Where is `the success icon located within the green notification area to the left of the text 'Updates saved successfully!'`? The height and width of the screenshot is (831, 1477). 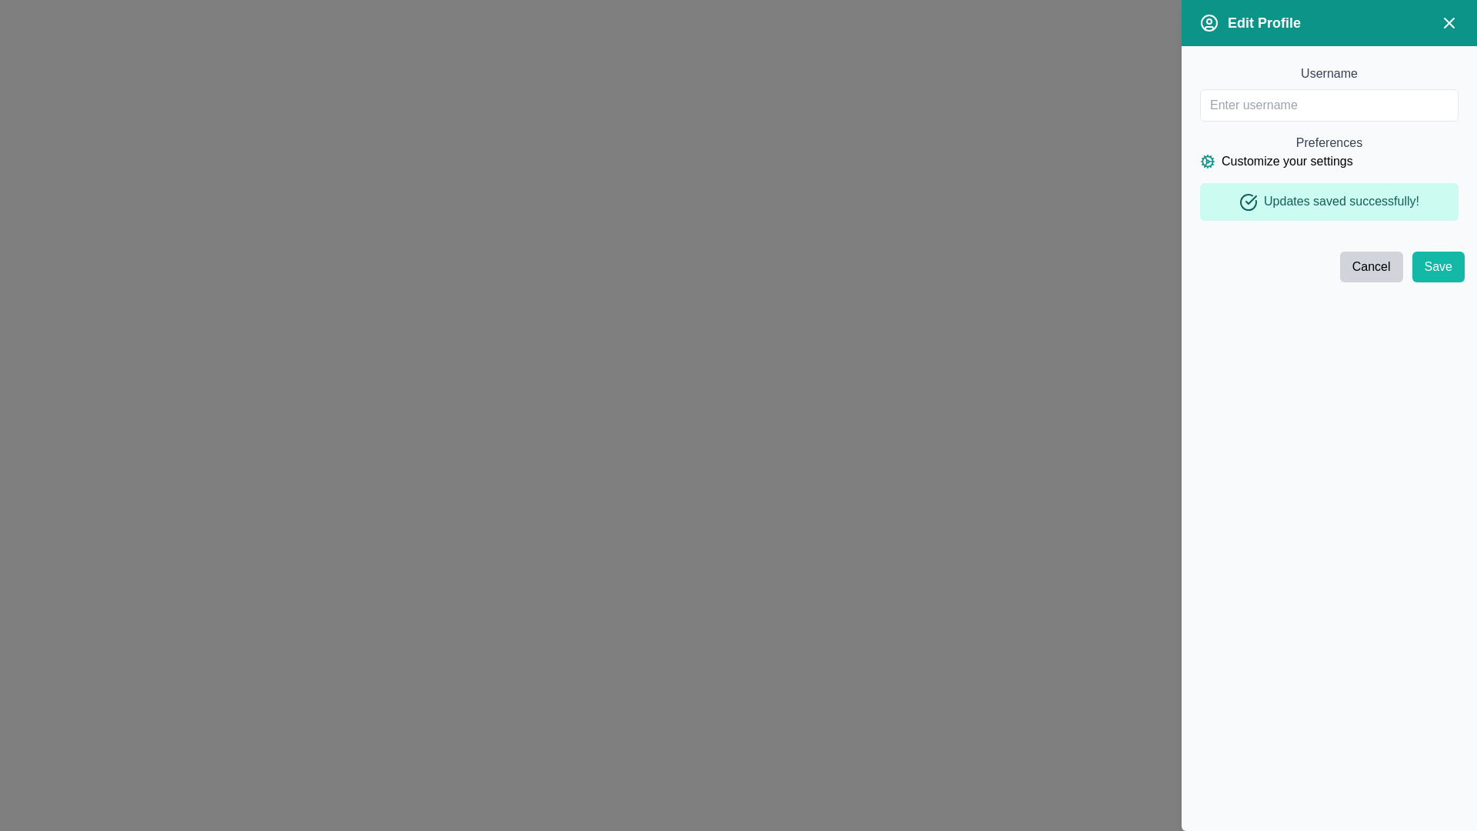
the success icon located within the green notification area to the left of the text 'Updates saved successfully!' is located at coordinates (1248, 201).